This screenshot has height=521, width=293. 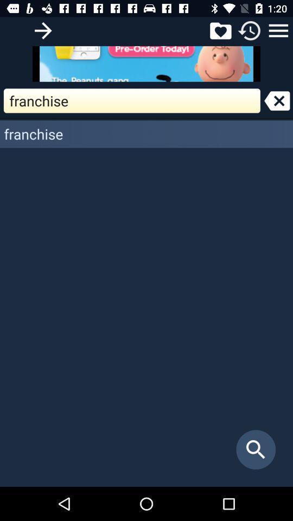 I want to click on advertisement, so click(x=146, y=63).